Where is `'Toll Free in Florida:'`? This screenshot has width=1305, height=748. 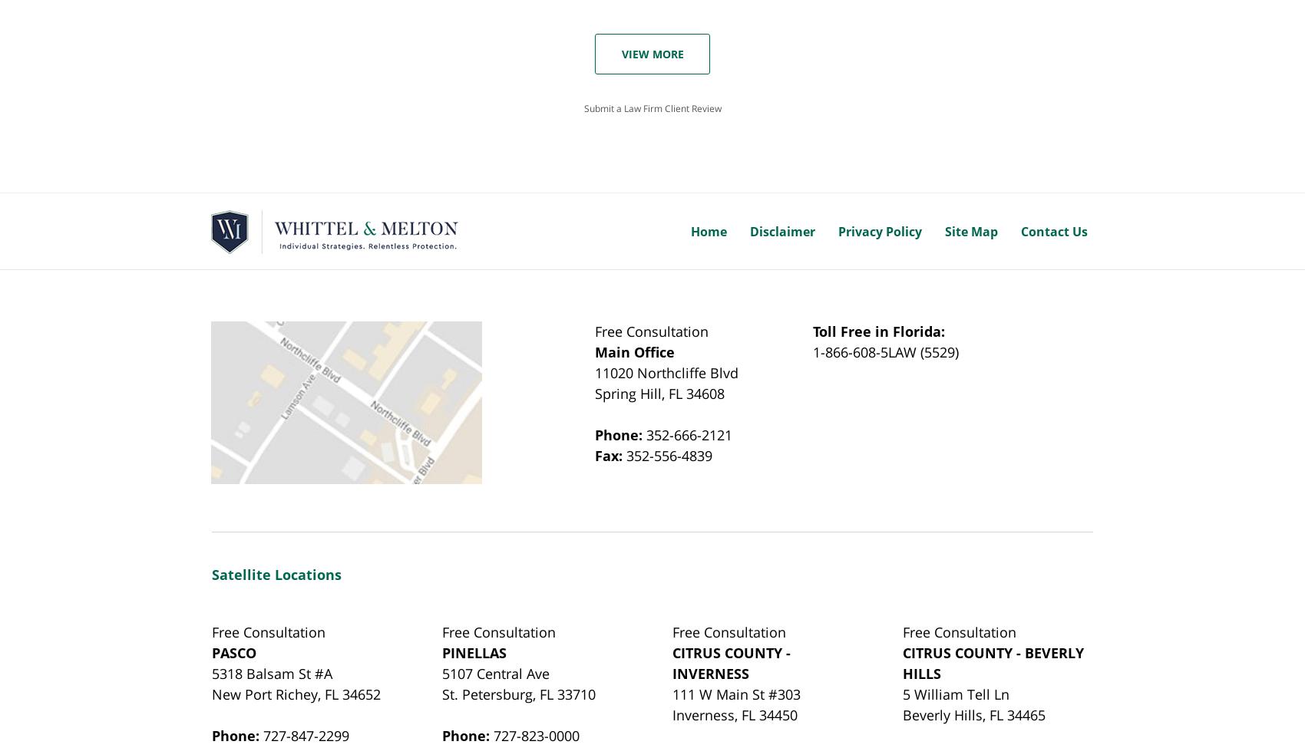 'Toll Free in Florida:' is located at coordinates (877, 331).